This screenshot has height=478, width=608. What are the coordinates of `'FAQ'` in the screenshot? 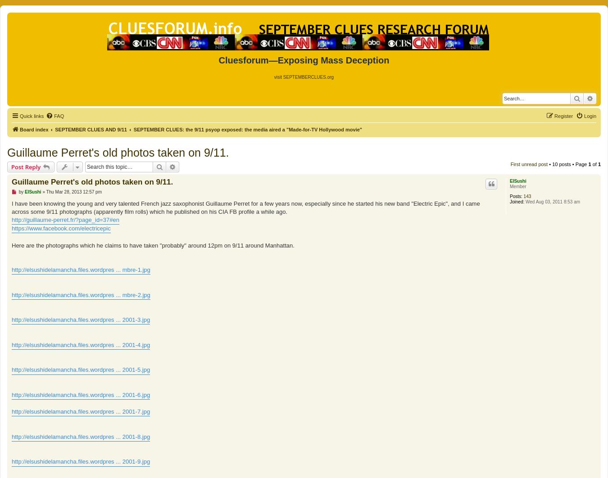 It's located at (59, 116).